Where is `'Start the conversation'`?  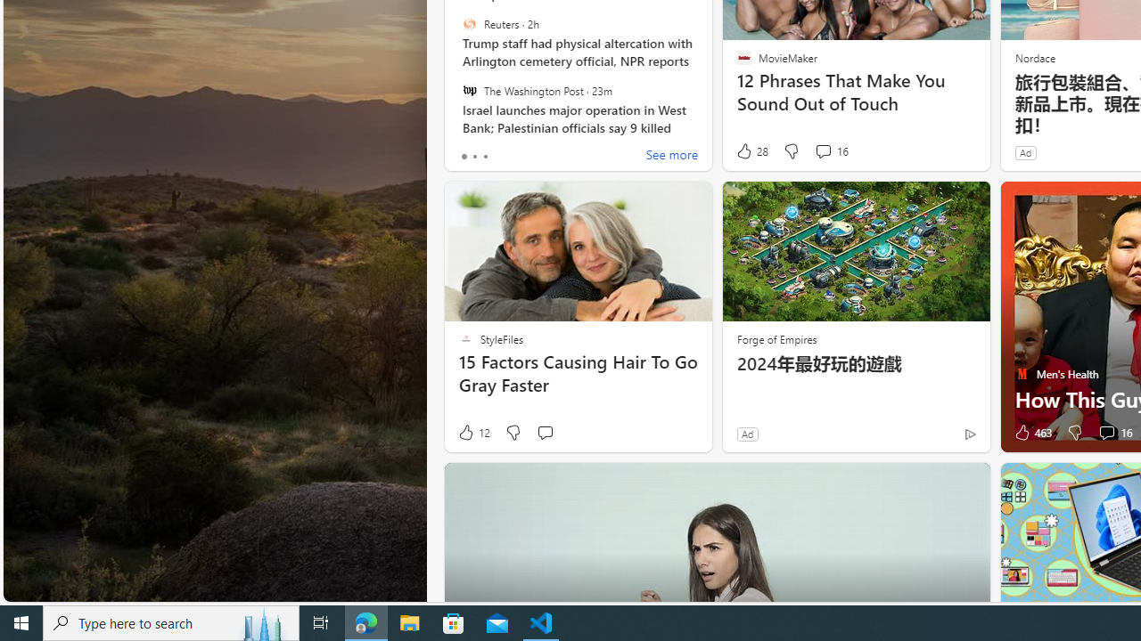
'Start the conversation' is located at coordinates (544, 433).